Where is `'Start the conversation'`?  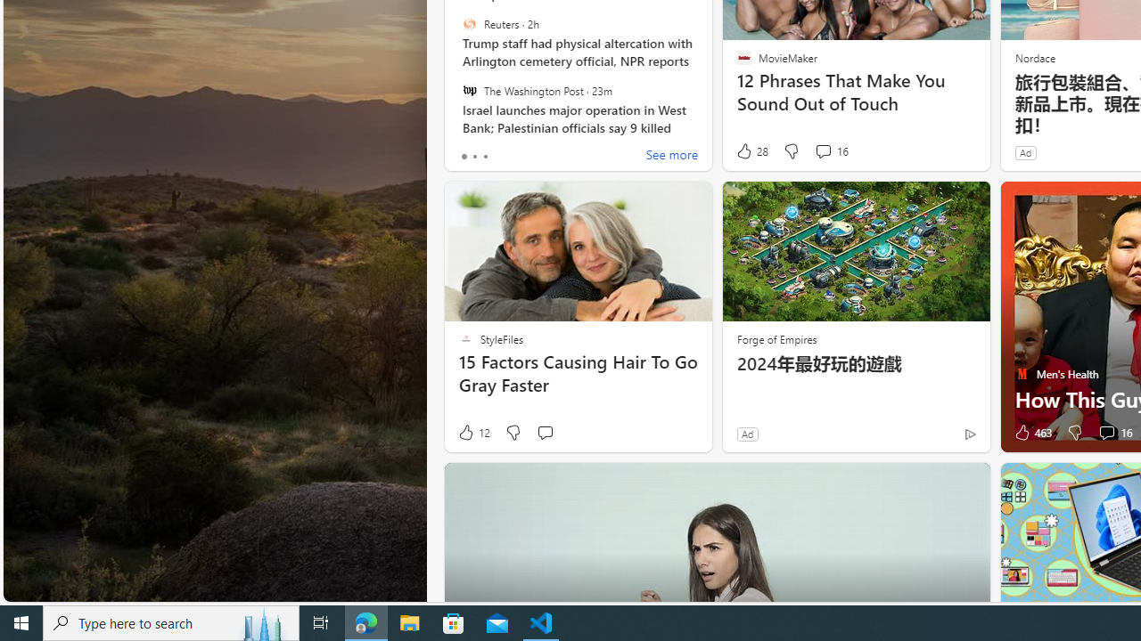
'Start the conversation' is located at coordinates (544, 433).